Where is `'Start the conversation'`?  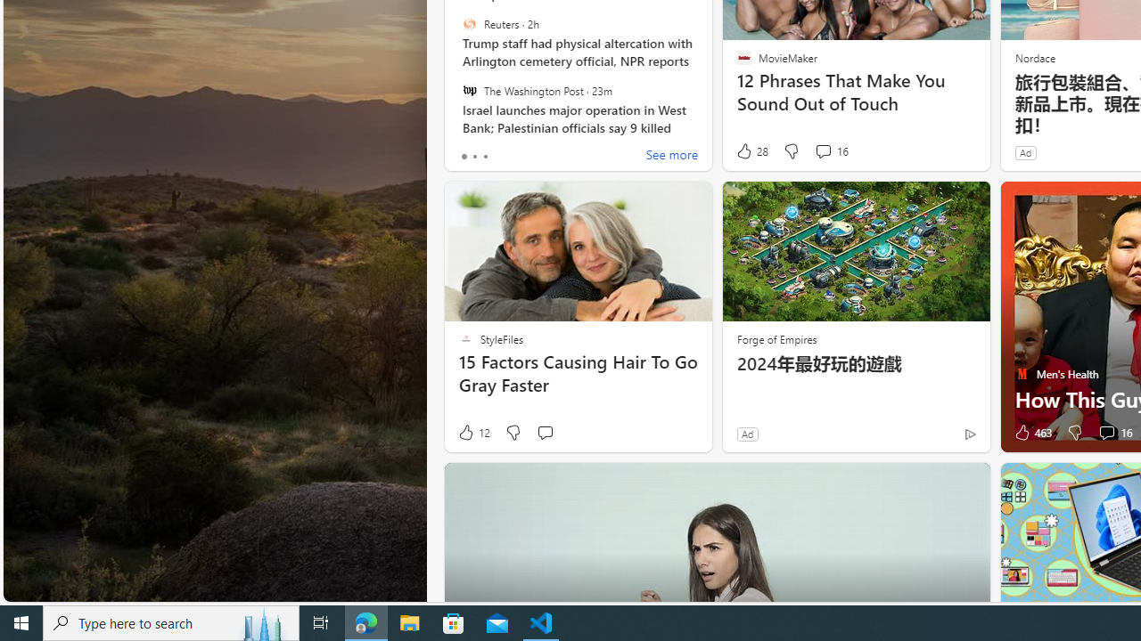
'Start the conversation' is located at coordinates (544, 433).